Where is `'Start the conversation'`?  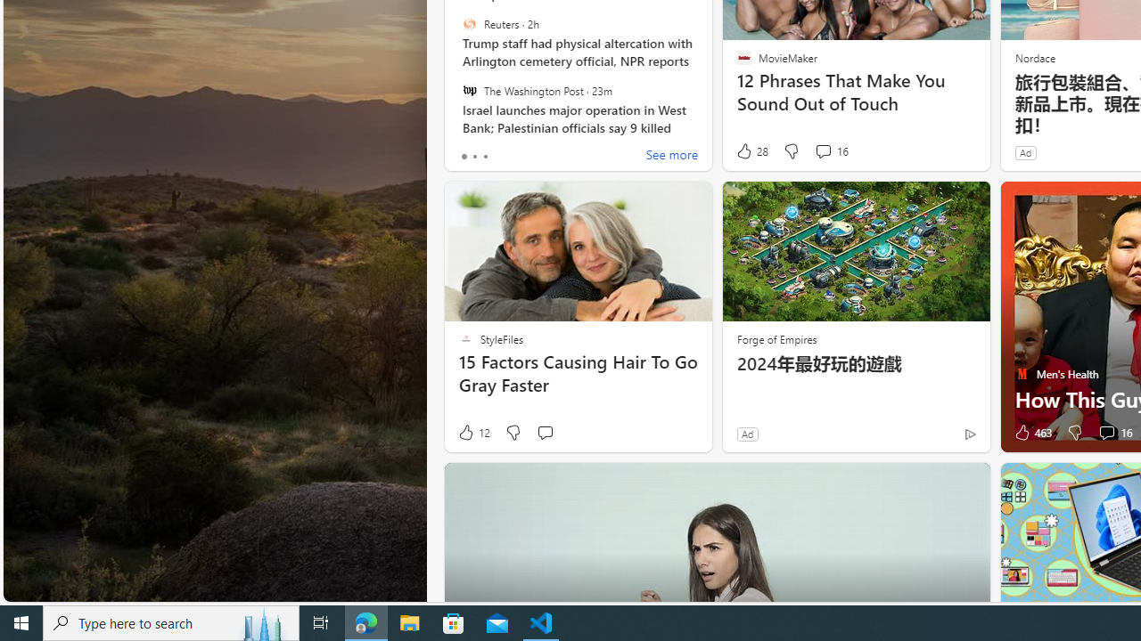
'Start the conversation' is located at coordinates (544, 433).